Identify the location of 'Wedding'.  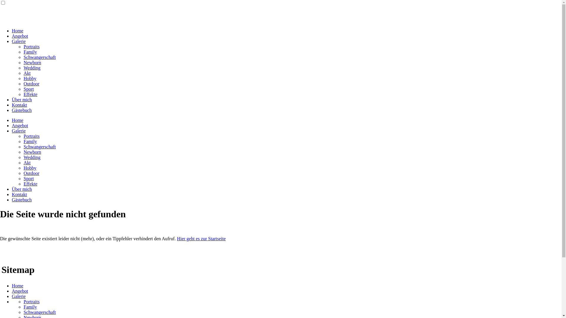
(32, 157).